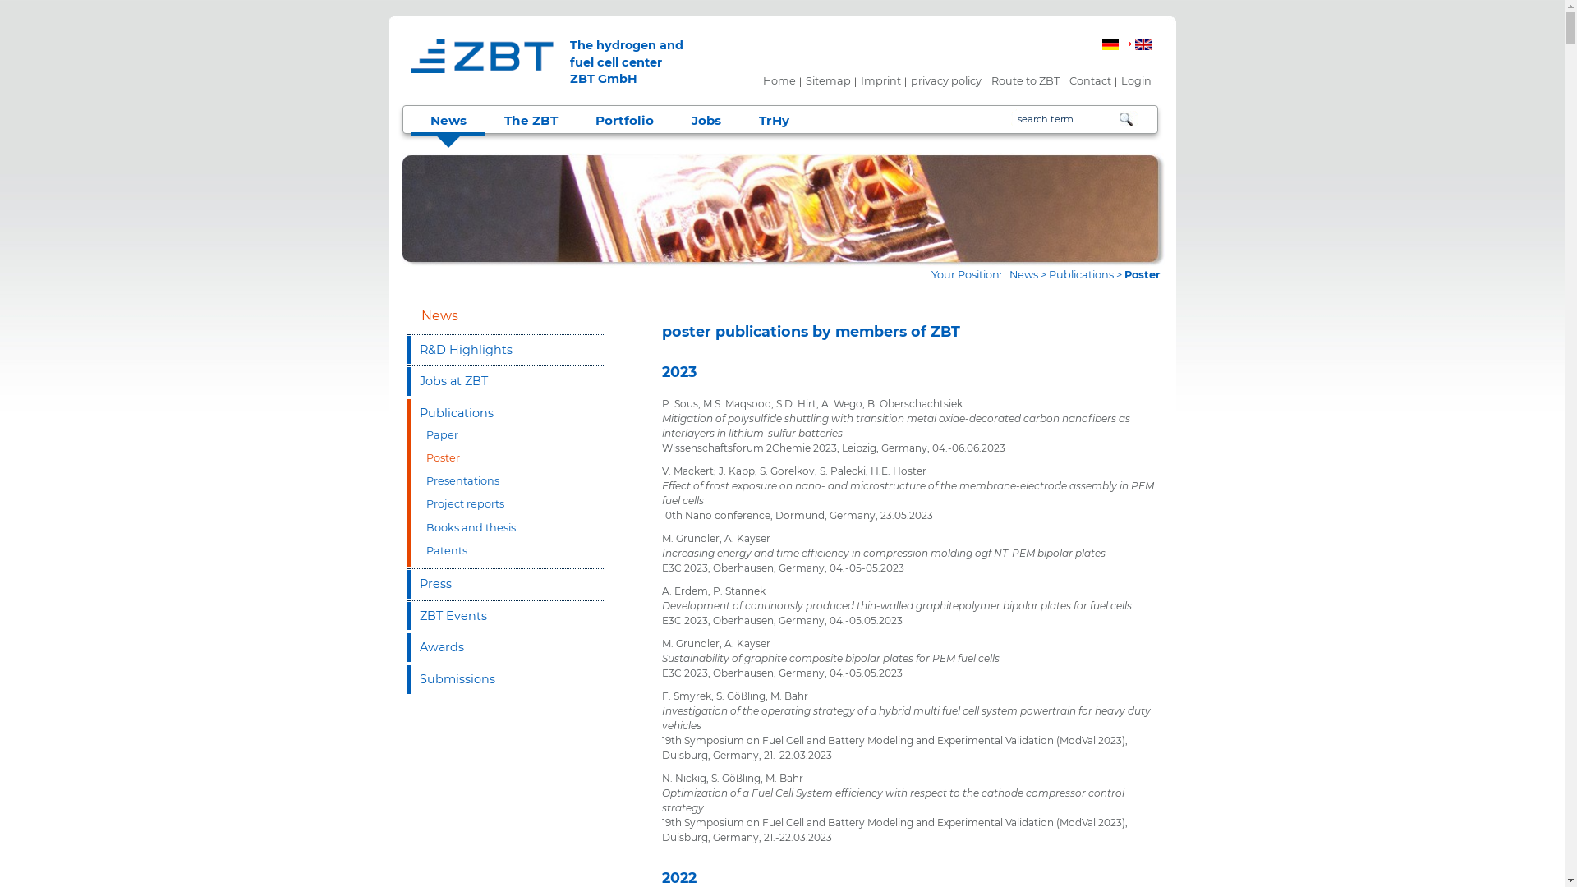 This screenshot has width=1577, height=887. Describe the element at coordinates (497, 349) in the screenshot. I see `'R&D Highlights'` at that location.